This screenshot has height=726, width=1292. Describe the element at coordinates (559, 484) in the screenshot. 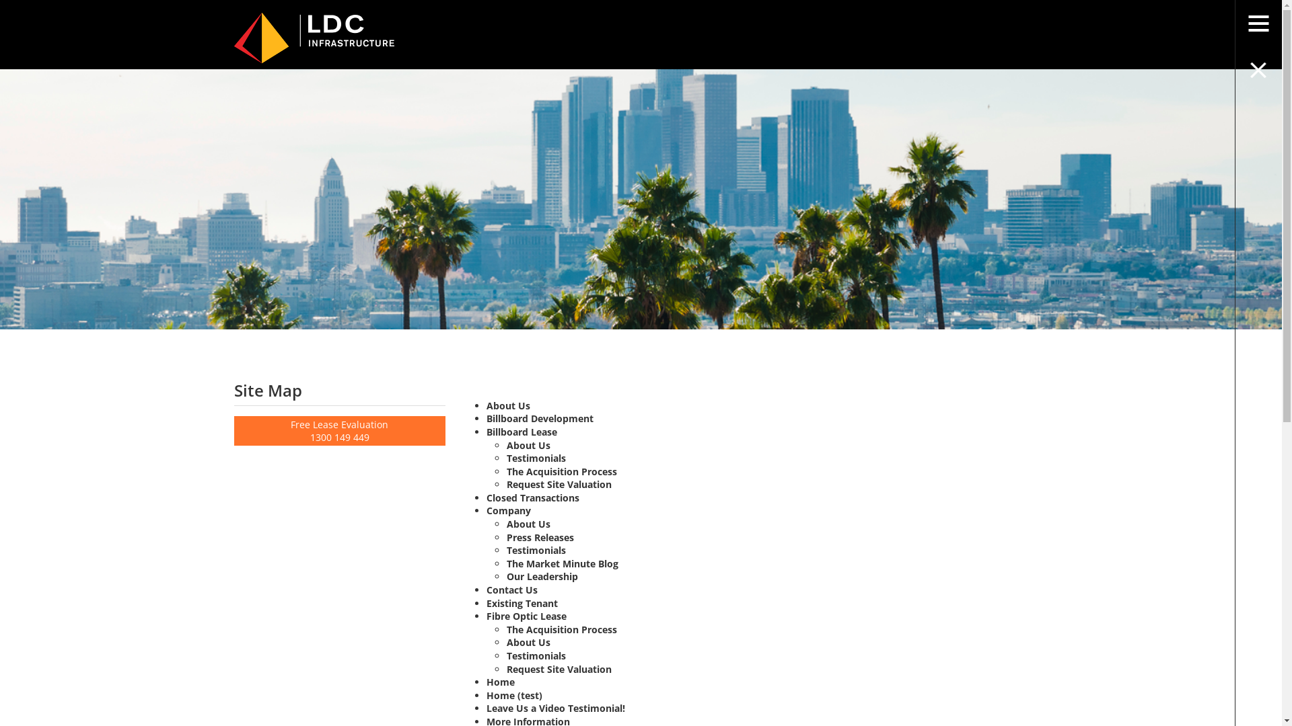

I see `'Request Site Valuation'` at that location.